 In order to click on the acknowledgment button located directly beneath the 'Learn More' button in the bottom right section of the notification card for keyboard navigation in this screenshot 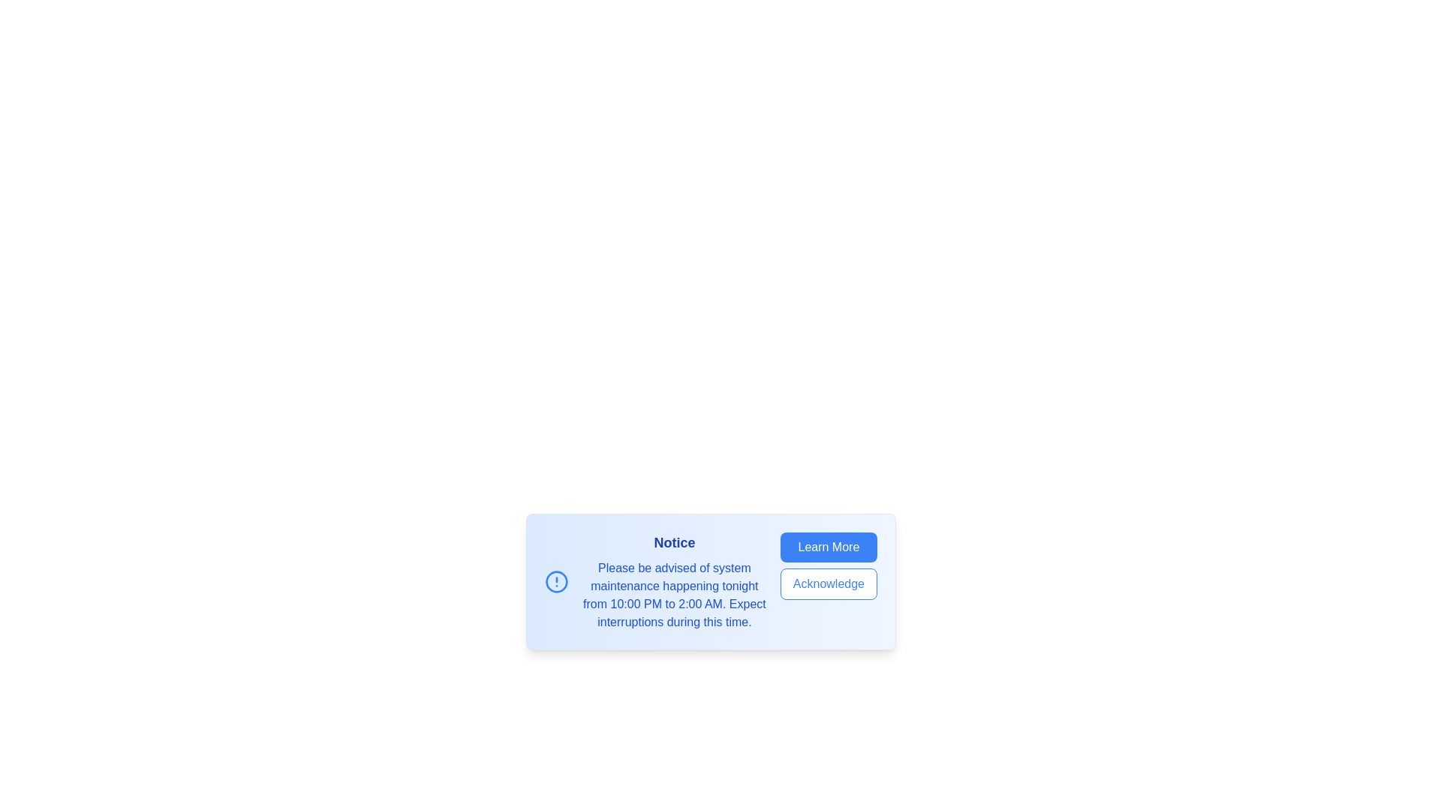, I will do `click(828, 583)`.